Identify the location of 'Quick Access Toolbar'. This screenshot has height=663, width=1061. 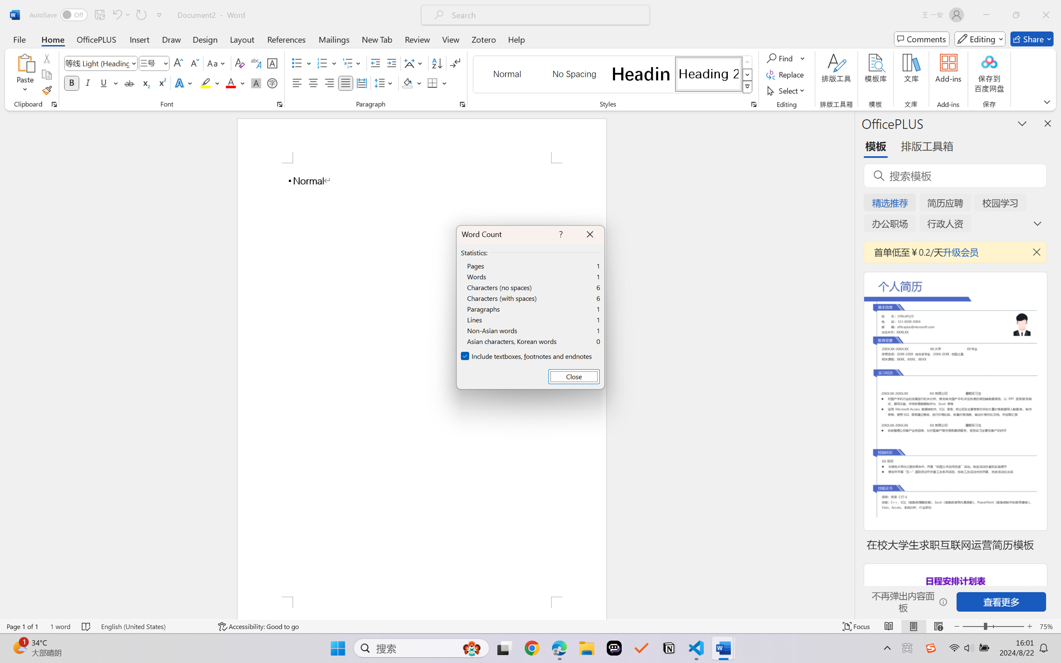
(97, 14).